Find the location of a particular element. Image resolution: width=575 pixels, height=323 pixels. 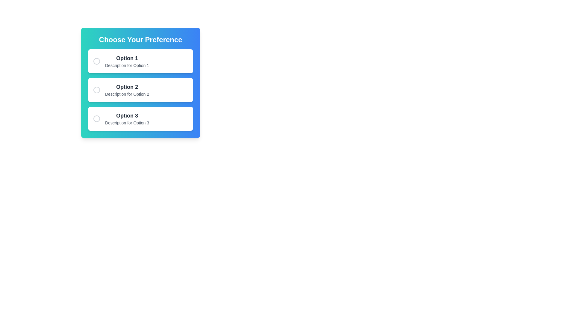

the first selectable option box with a radio button labeled 'Option 1' is located at coordinates (140, 61).